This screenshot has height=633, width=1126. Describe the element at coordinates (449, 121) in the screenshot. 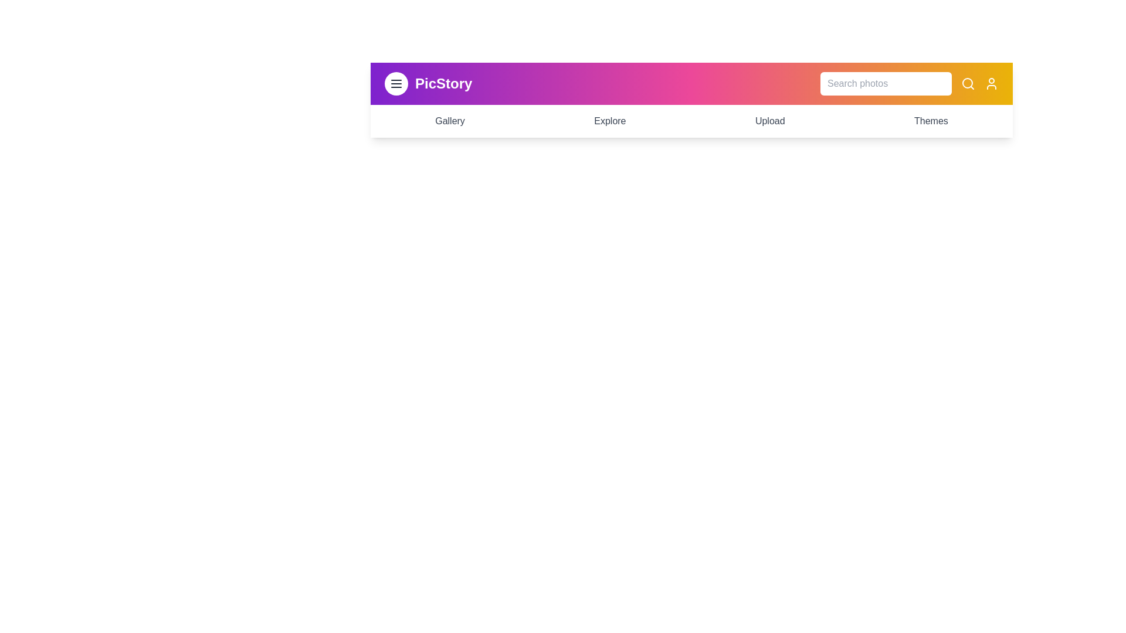

I see `the 'Gallery' menu item to navigate to the 'Gallery' section` at that location.